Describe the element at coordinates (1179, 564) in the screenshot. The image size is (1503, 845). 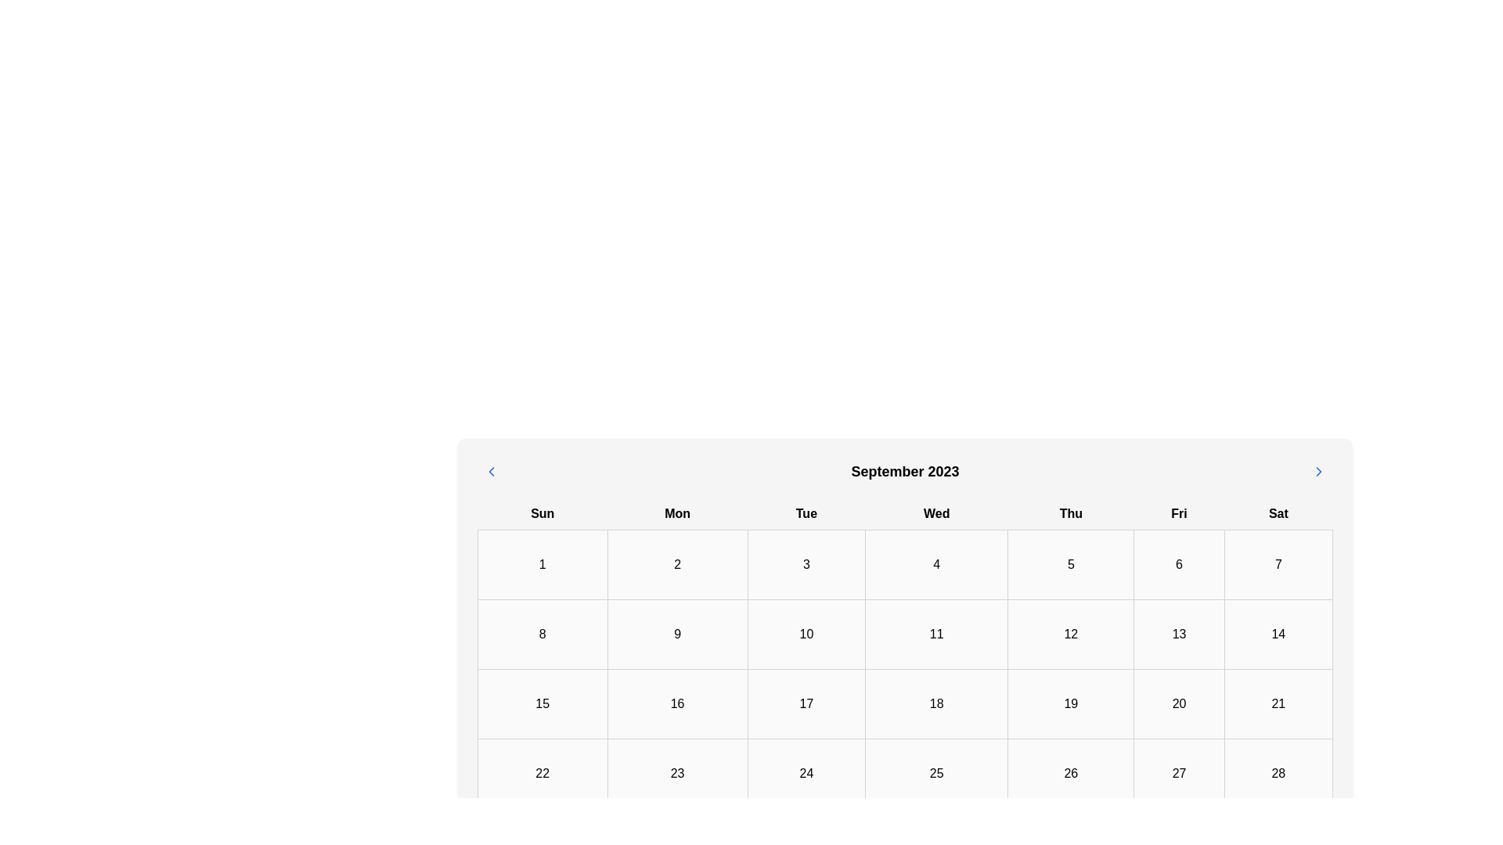
I see `the square button labeled '6' in the September 2023 calendar interface` at that location.